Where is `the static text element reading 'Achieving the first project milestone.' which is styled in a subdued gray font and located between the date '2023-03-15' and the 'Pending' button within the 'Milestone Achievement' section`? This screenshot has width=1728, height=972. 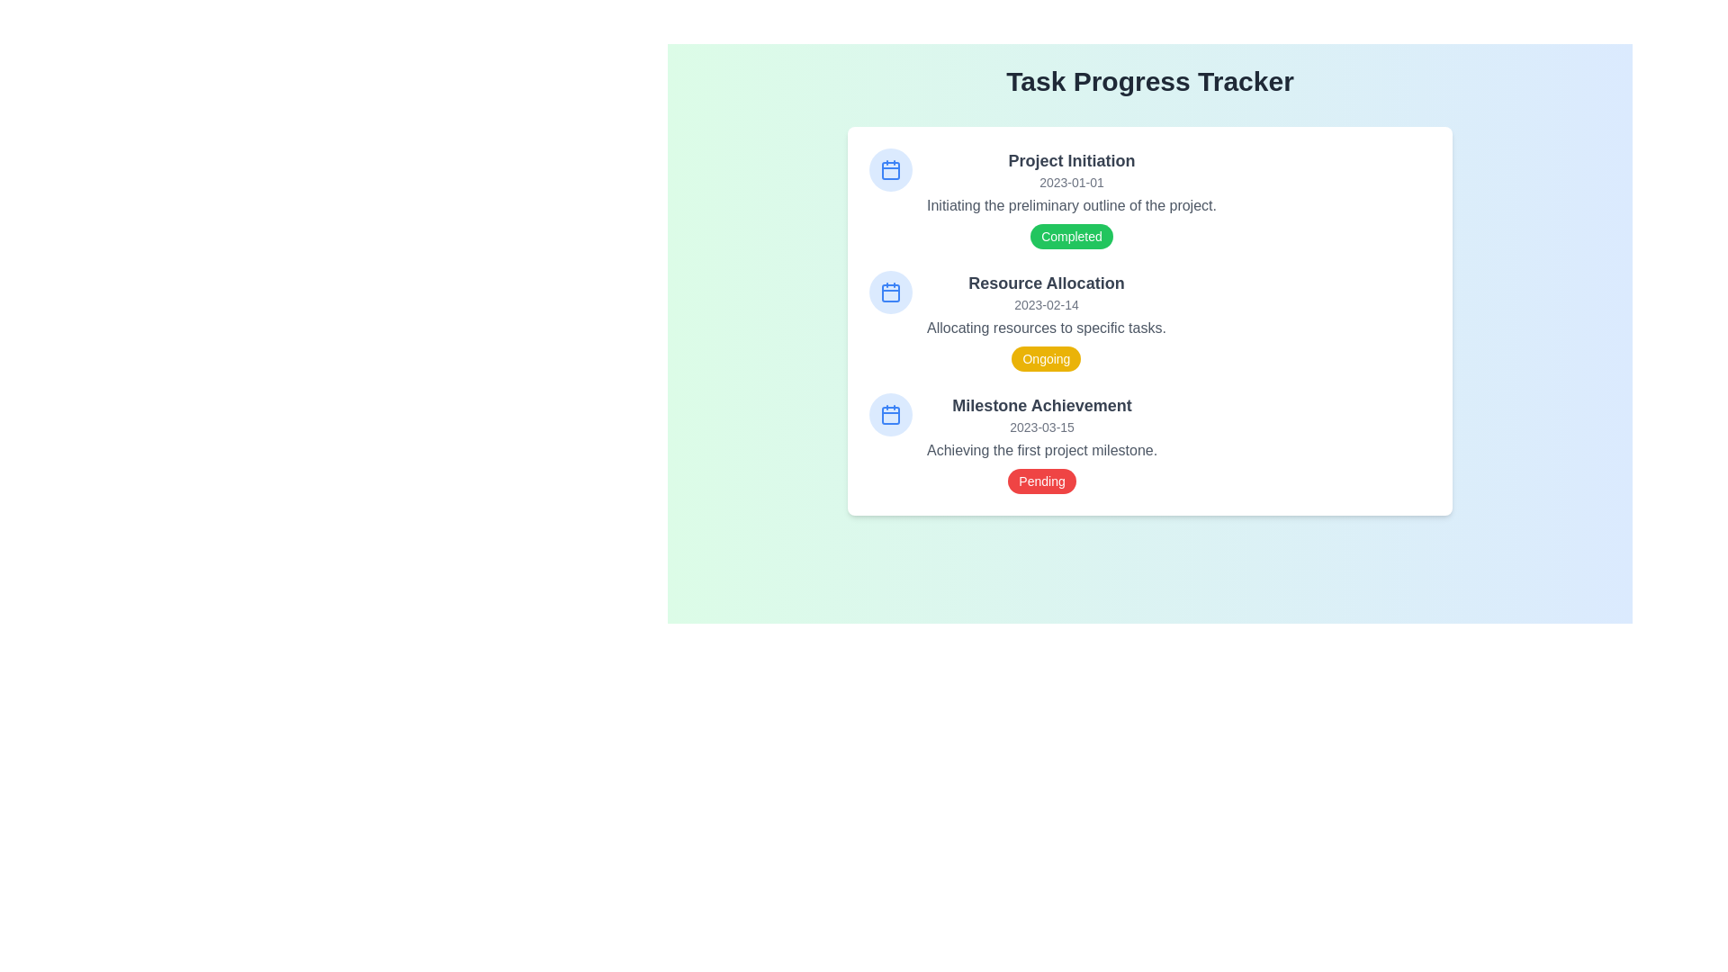
the static text element reading 'Achieving the first project milestone.' which is styled in a subdued gray font and located between the date '2023-03-15' and the 'Pending' button within the 'Milestone Achievement' section is located at coordinates (1042, 450).